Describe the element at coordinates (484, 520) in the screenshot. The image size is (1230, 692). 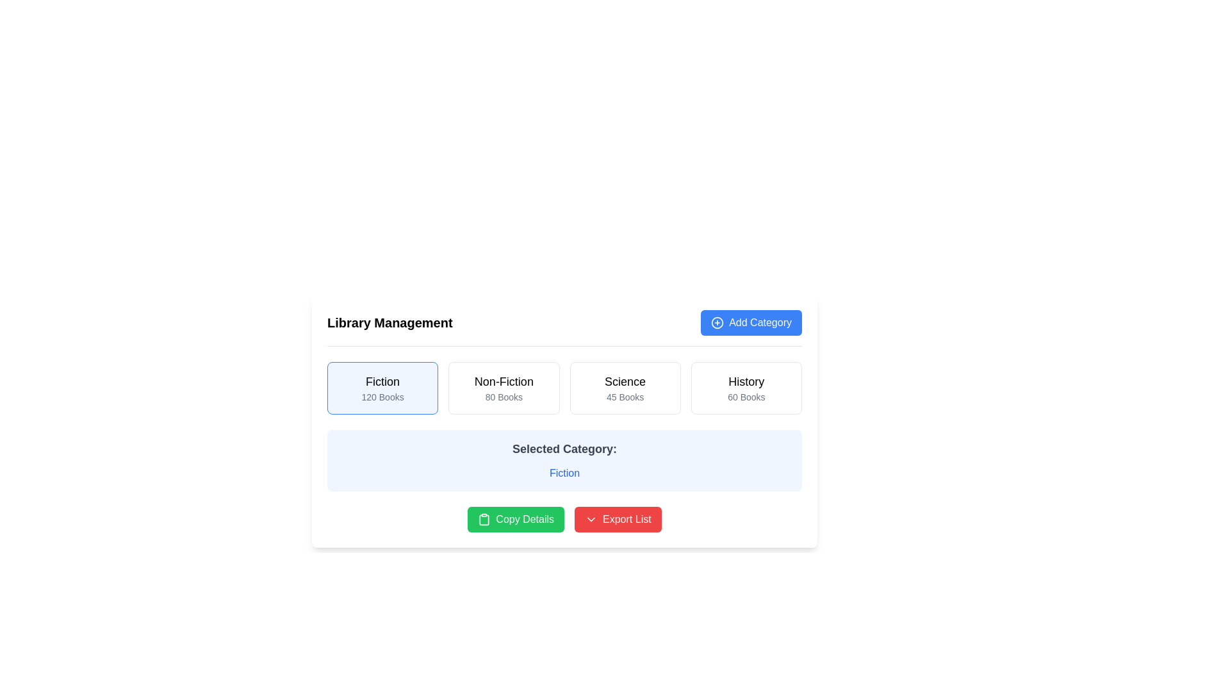
I see `the clipboard icon located centrally within the green 'Copy Details' button at the bottom-left of the control area` at that location.